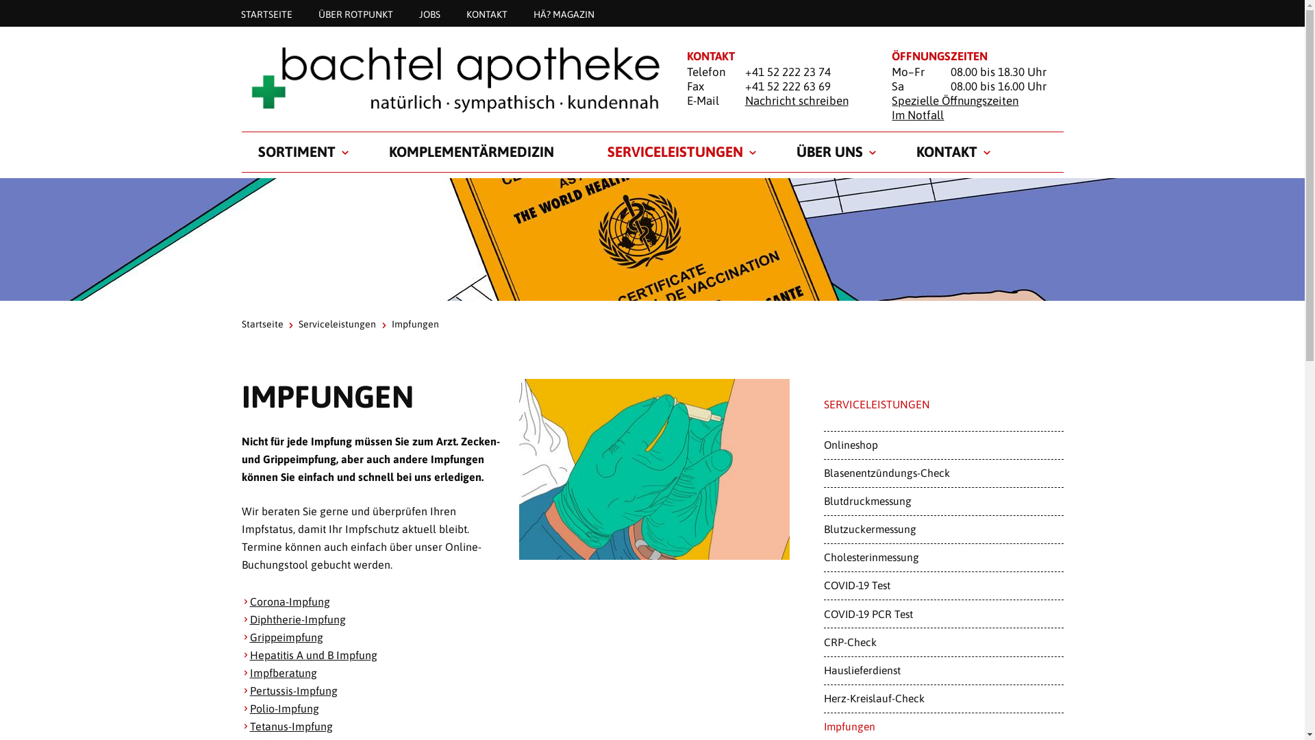 This screenshot has width=1315, height=740. I want to click on 'Herz-Kreislauf-Check', so click(942, 698).